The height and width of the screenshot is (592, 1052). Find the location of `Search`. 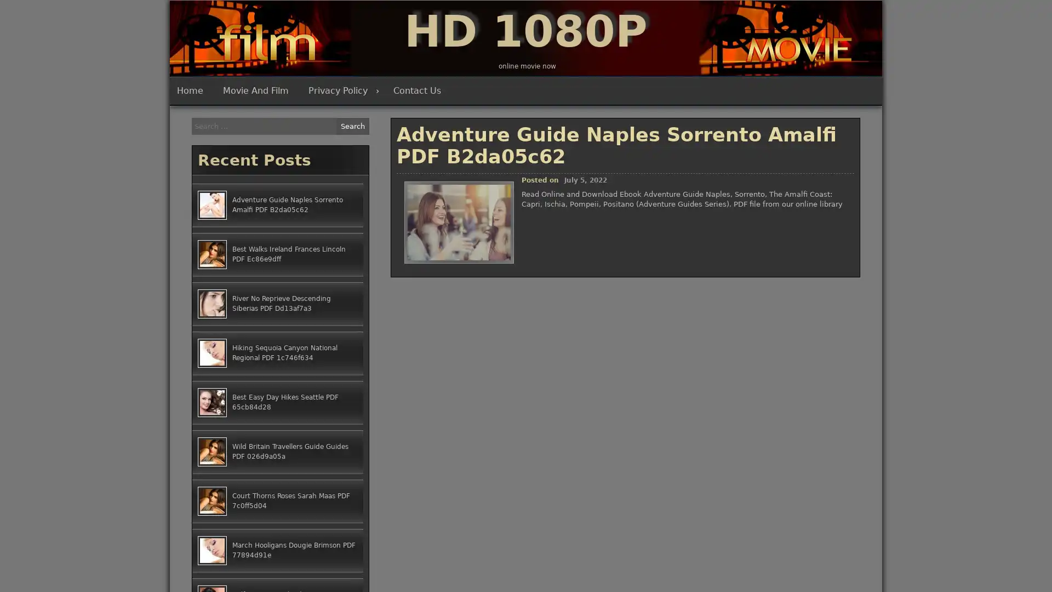

Search is located at coordinates (352, 126).